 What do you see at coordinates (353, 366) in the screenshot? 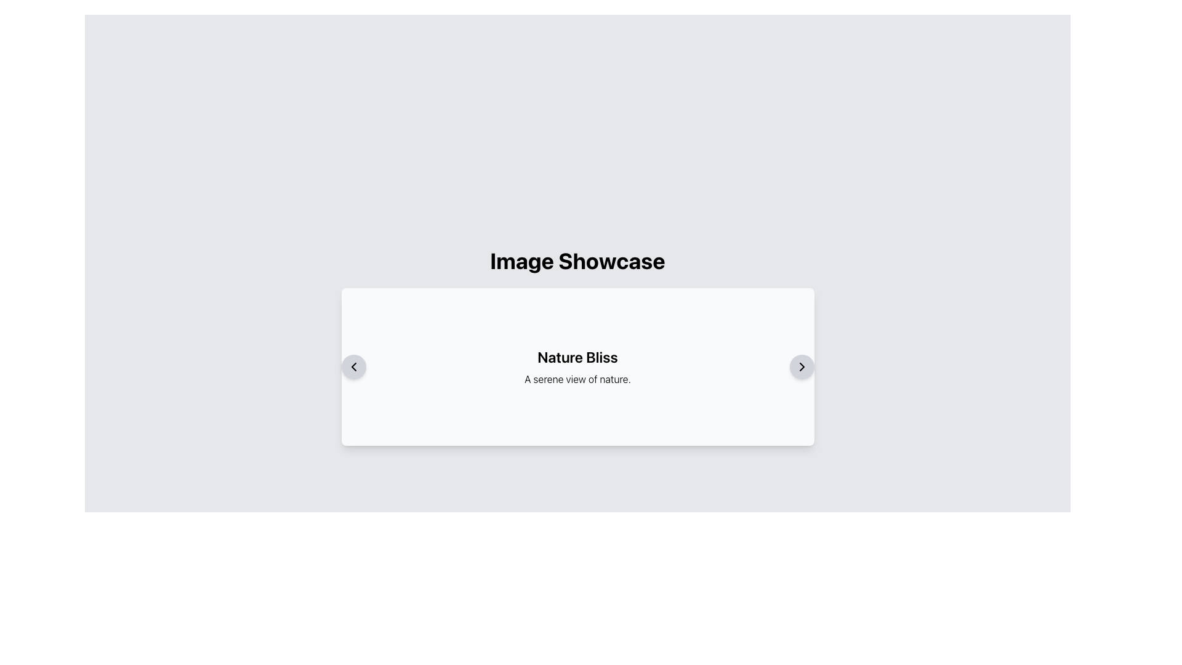
I see `the left-facing chevron icon within the circular button on the left side of the 'Nature Bliss' card` at bounding box center [353, 366].